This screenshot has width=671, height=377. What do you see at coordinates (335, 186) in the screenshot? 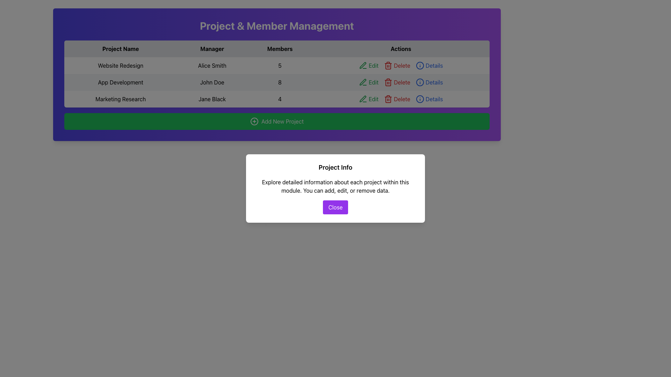
I see `the static text block that reads 'Explore detailed information about each project within this module. You can add, edit, or remove data.' located within the central section of the modal dialog box` at bounding box center [335, 186].